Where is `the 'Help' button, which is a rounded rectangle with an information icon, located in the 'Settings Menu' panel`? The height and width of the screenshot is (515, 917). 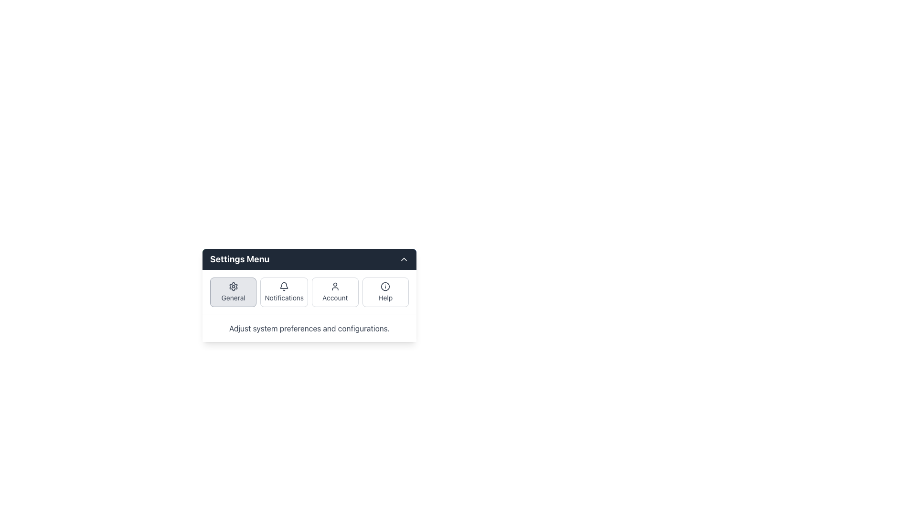 the 'Help' button, which is a rounded rectangle with an information icon, located in the 'Settings Menu' panel is located at coordinates (385, 292).